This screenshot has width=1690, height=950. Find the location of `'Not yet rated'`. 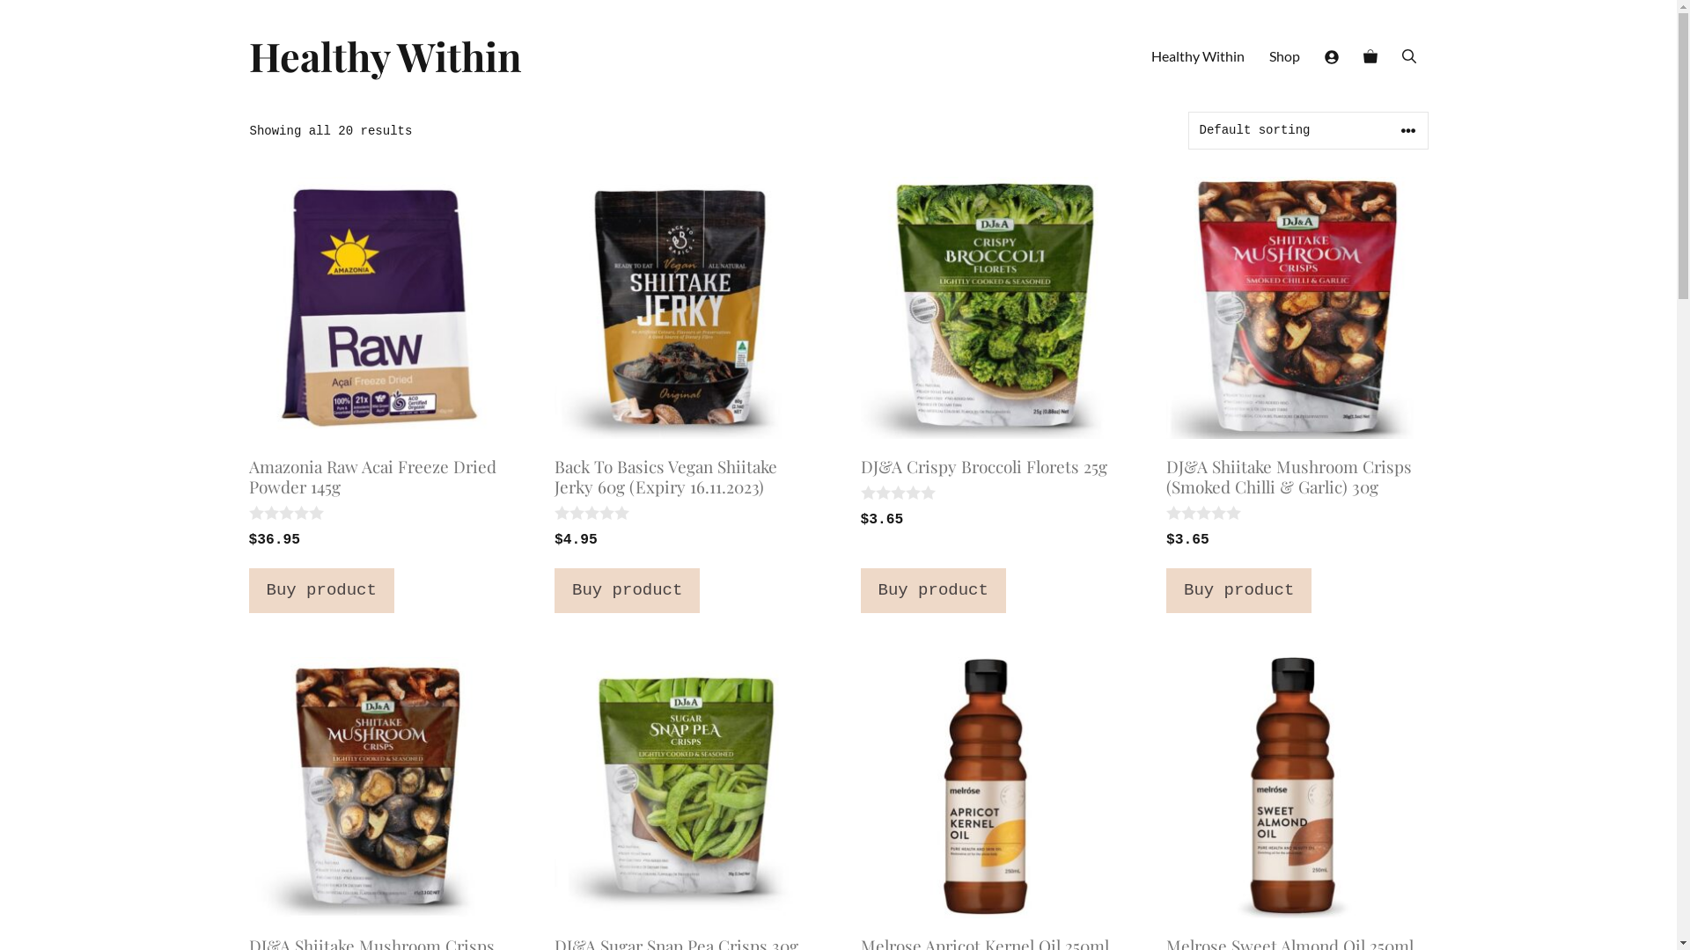

'Not yet rated' is located at coordinates (247, 512).